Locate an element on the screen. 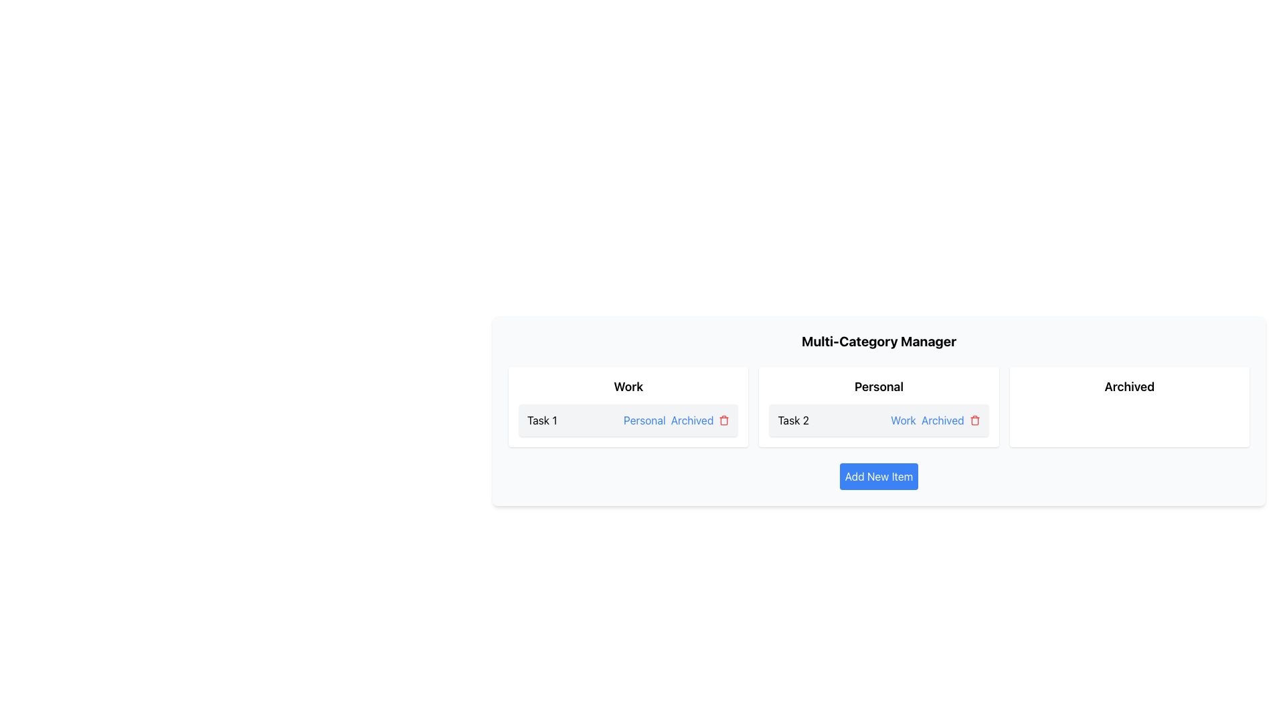  the interactive blue link labeled 'Work' within the 'Personal' card element is located at coordinates (879, 406).